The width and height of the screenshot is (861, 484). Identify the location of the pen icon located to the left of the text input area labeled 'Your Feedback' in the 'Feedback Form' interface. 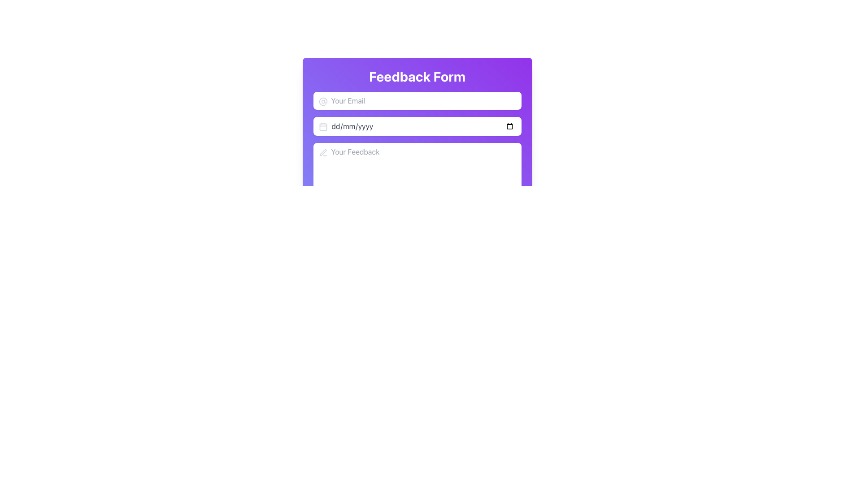
(323, 152).